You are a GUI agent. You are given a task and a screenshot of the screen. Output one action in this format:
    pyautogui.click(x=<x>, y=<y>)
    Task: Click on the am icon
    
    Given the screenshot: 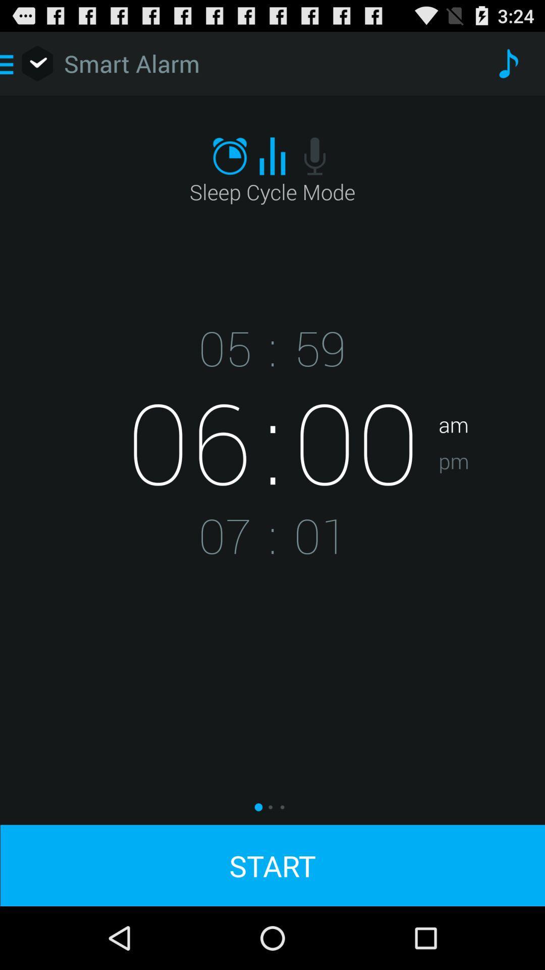 What is the action you would take?
    pyautogui.click(x=491, y=392)
    